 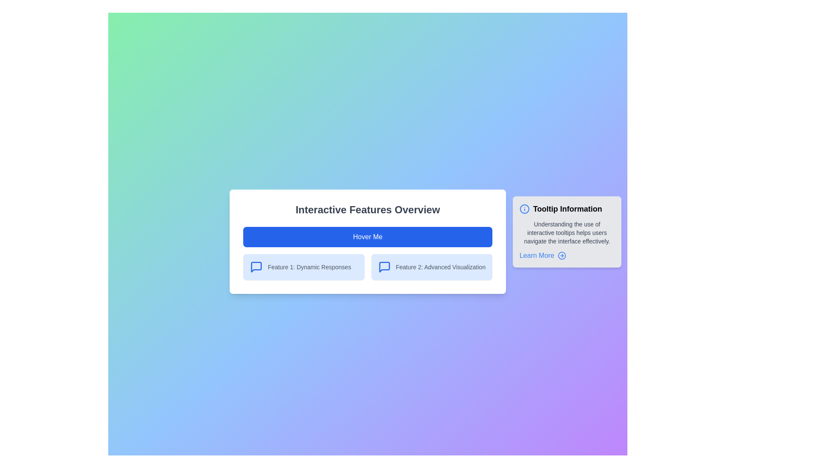 What do you see at coordinates (368, 242) in the screenshot?
I see `the blue button labeled 'Hover Me' located at the center of the Panel or Card that contains the text 'Interactive Features Overview'` at bounding box center [368, 242].